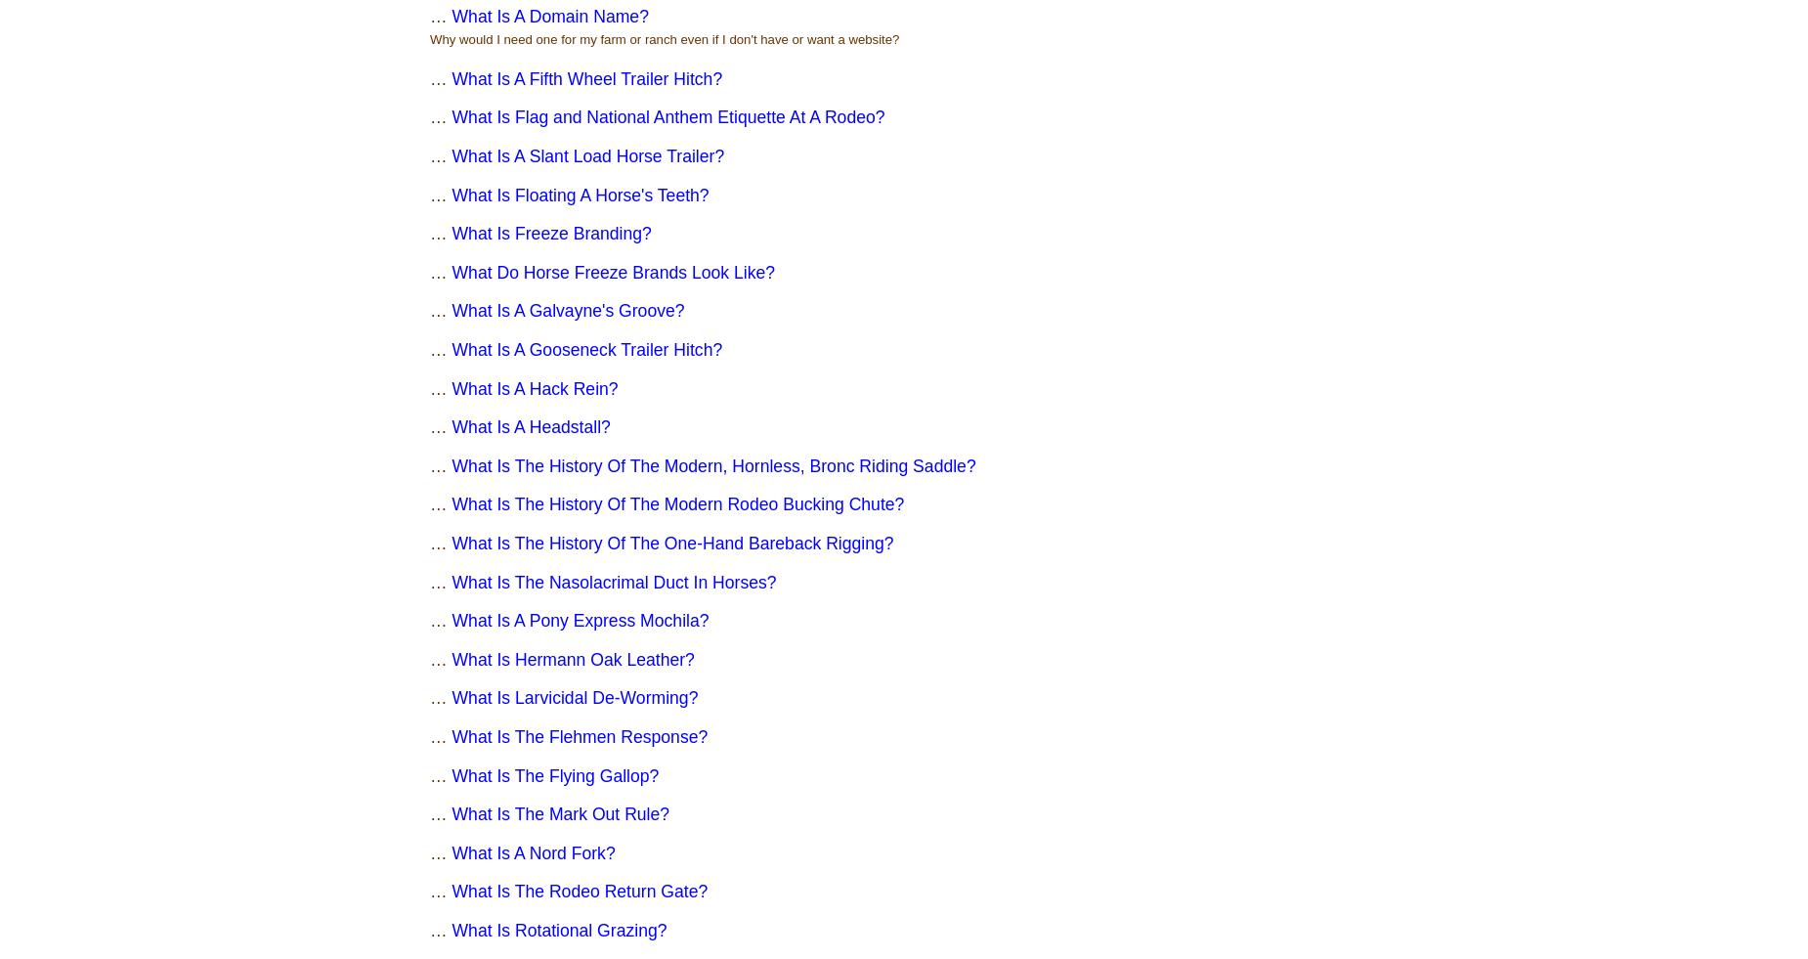  What do you see at coordinates (560, 813) in the screenshot?
I see `'What Is The Mark Out Rule?'` at bounding box center [560, 813].